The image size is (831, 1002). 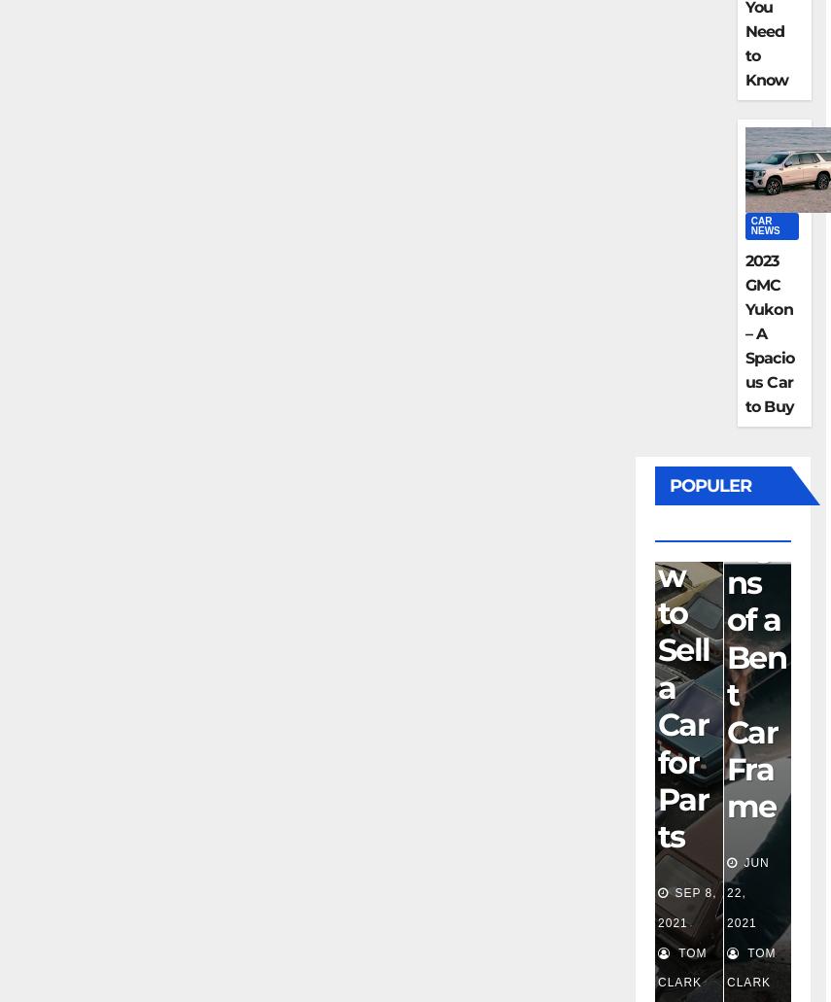 I want to click on 'Car News', so click(x=748, y=225).